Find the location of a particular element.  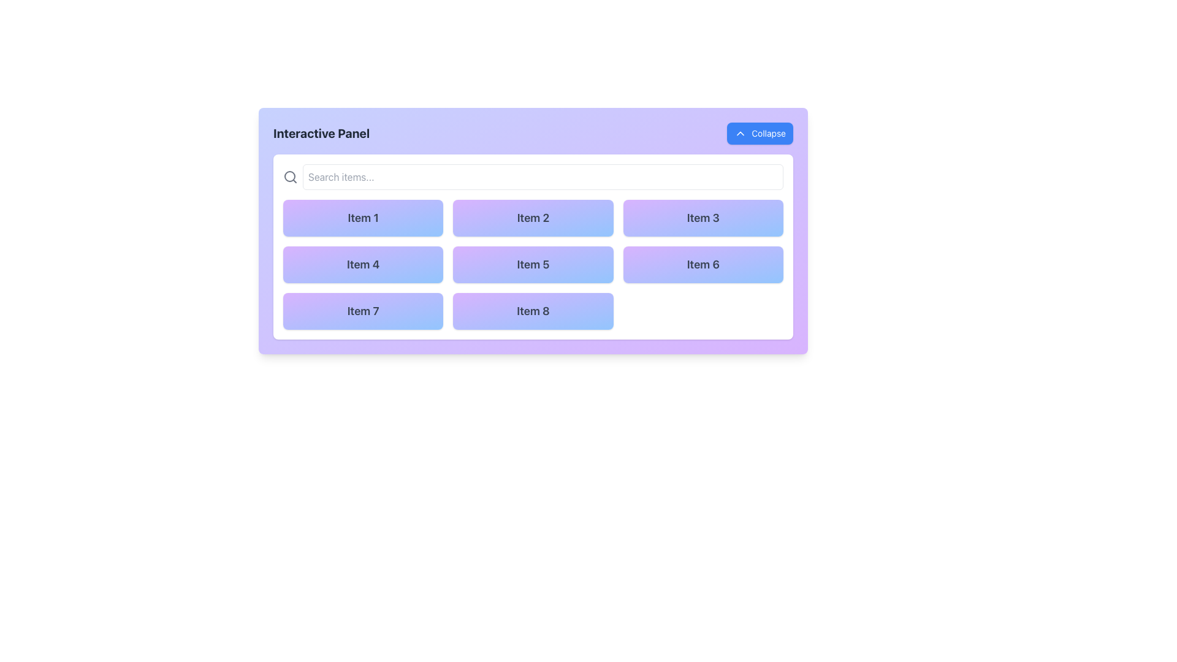

the text label 'Item 4' located in the second row, first column of the button grid to identify its action is located at coordinates (362, 264).